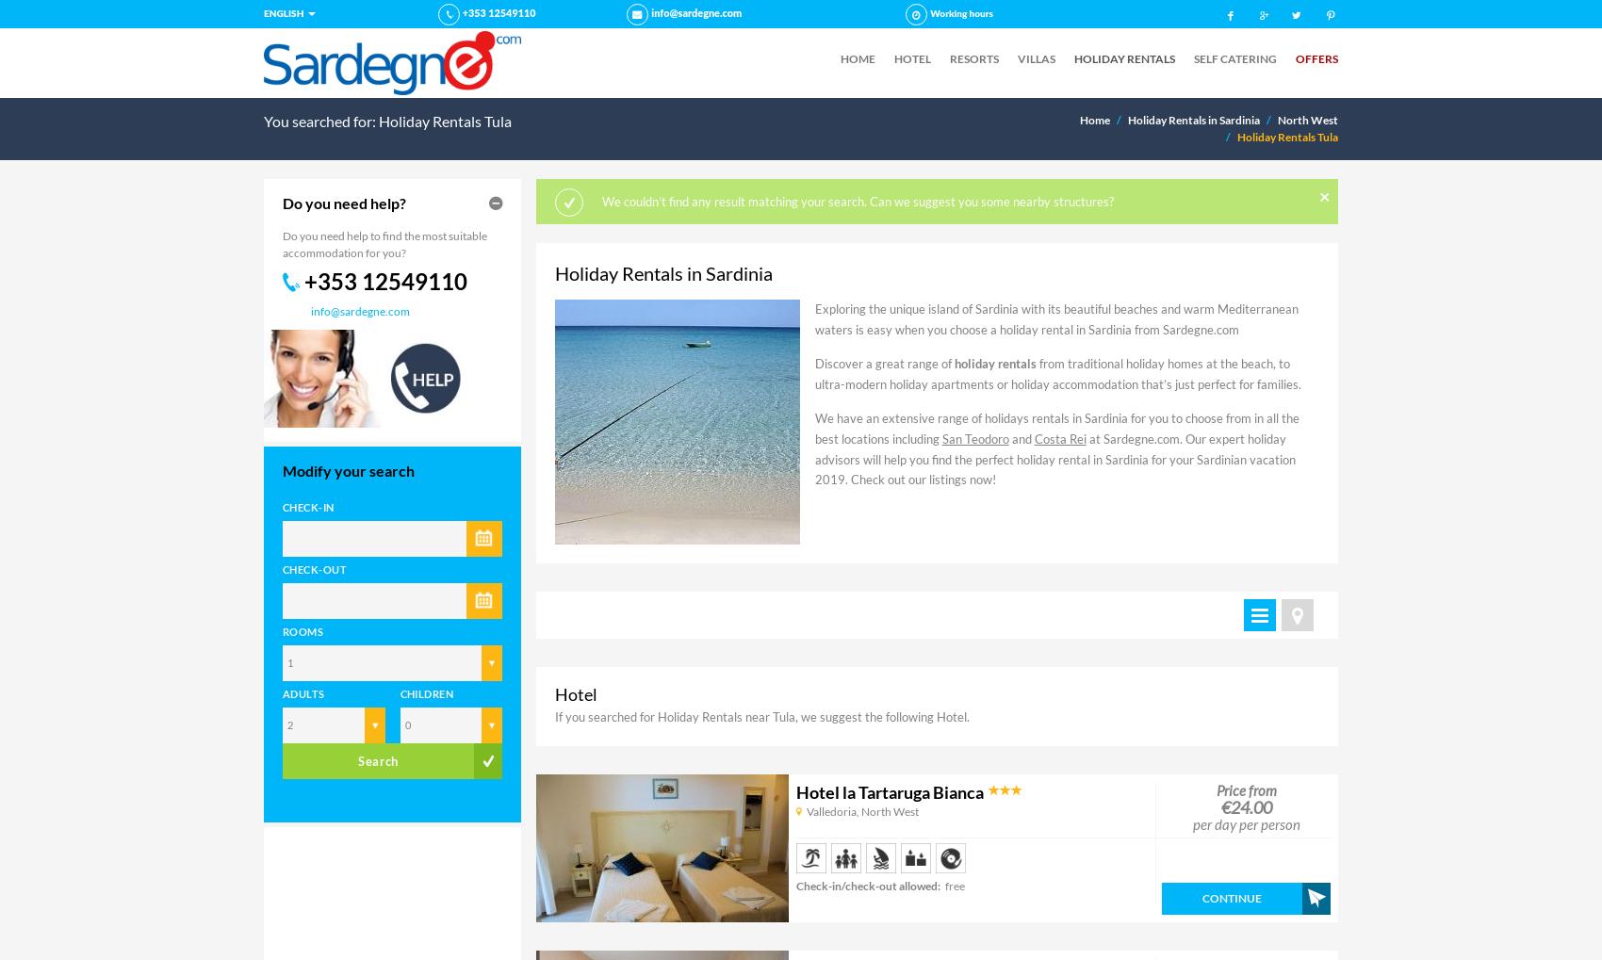  Describe the element at coordinates (386, 119) in the screenshot. I see `'You searched for: Holiday Rentals Tula'` at that location.